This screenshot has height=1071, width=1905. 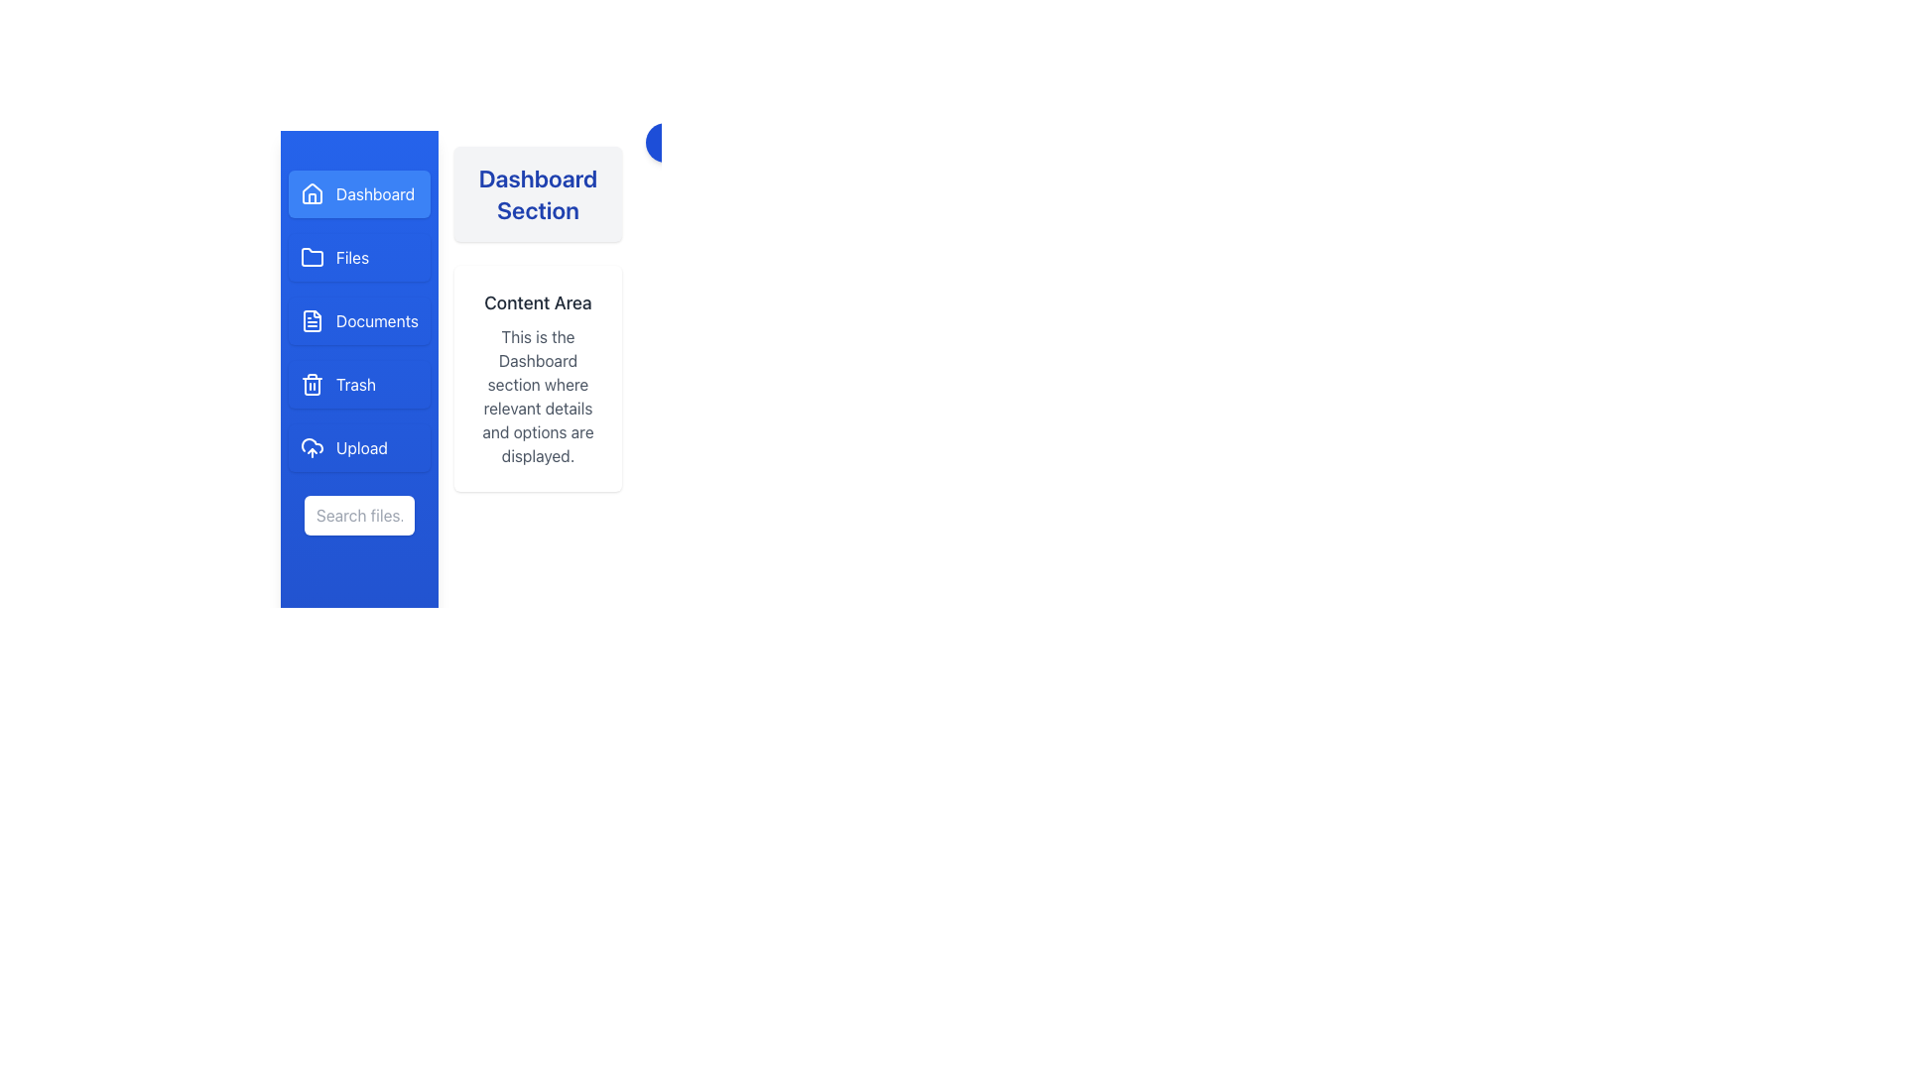 What do you see at coordinates (359, 447) in the screenshot?
I see `the file upload button located in the vertical navigation menu, which is the fifth item below the 'Trash' button` at bounding box center [359, 447].